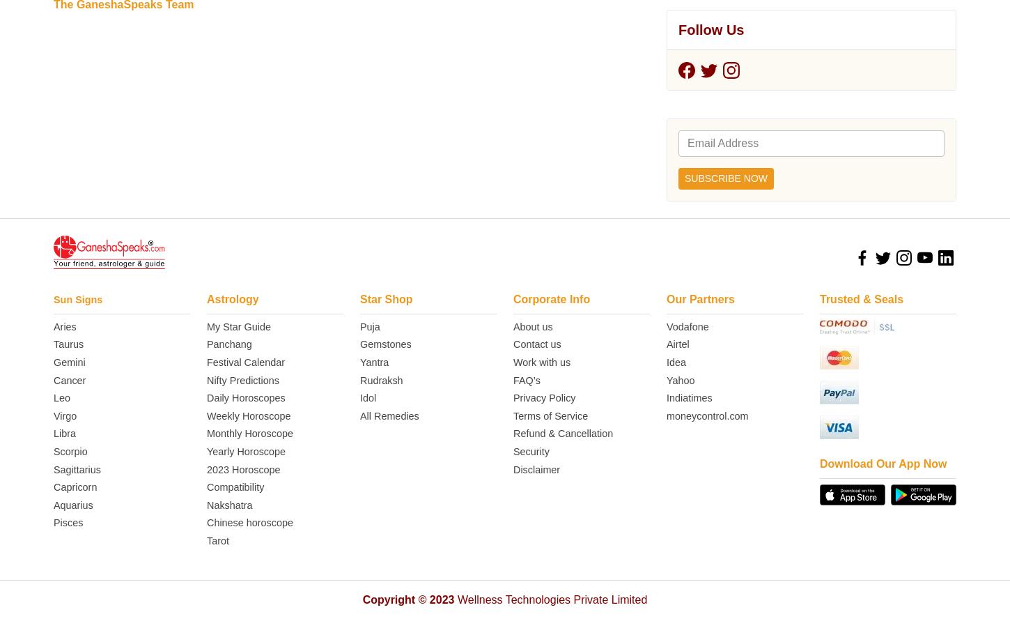 The width and height of the screenshot is (1010, 619). Describe the element at coordinates (72, 63) in the screenshot. I see `'Aquarius'` at that location.